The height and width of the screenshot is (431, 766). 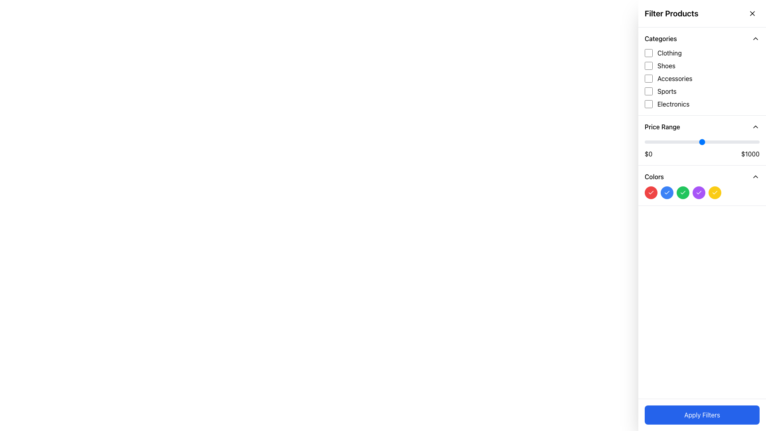 What do you see at coordinates (646, 141) in the screenshot?
I see `the price range slider` at bounding box center [646, 141].